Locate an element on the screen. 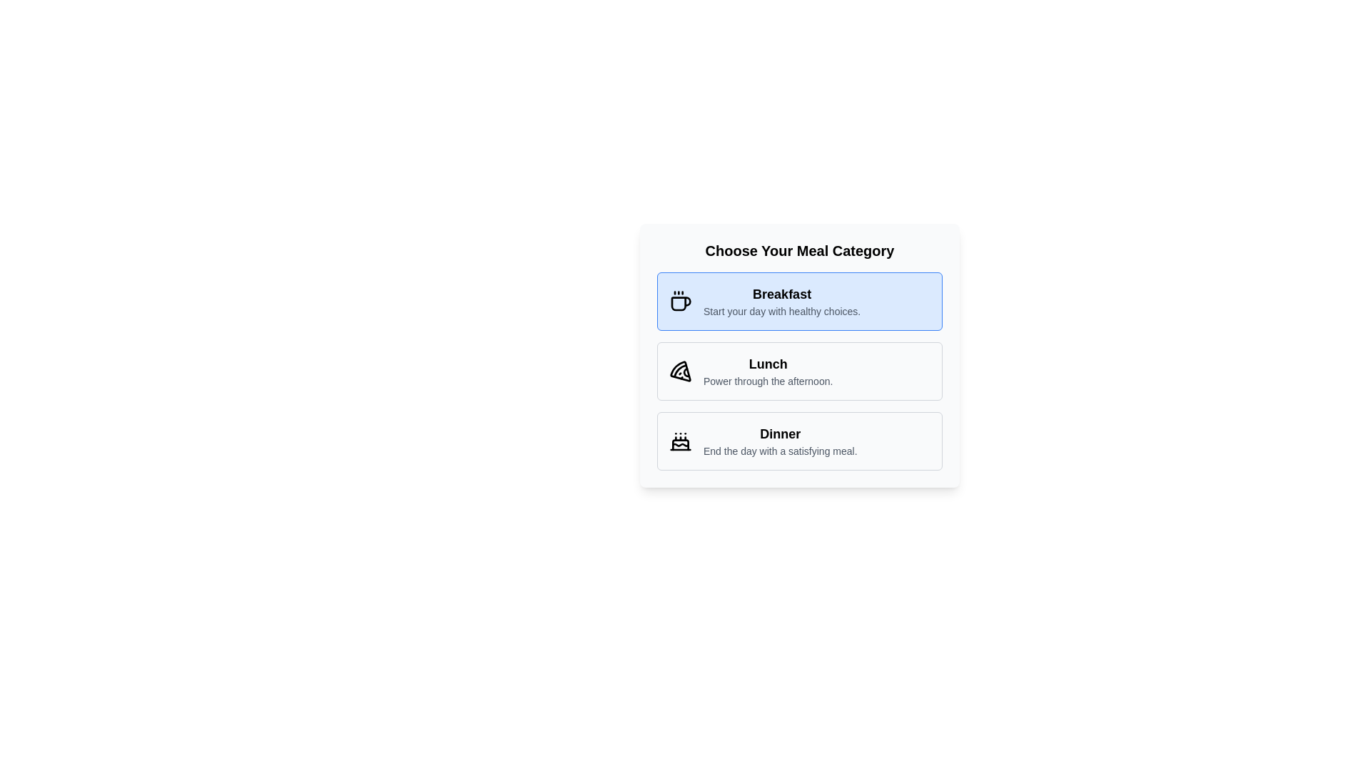 The height and width of the screenshot is (770, 1370). the icon area nearby the pizza slice icon representing the Lunch category is located at coordinates (686, 371).